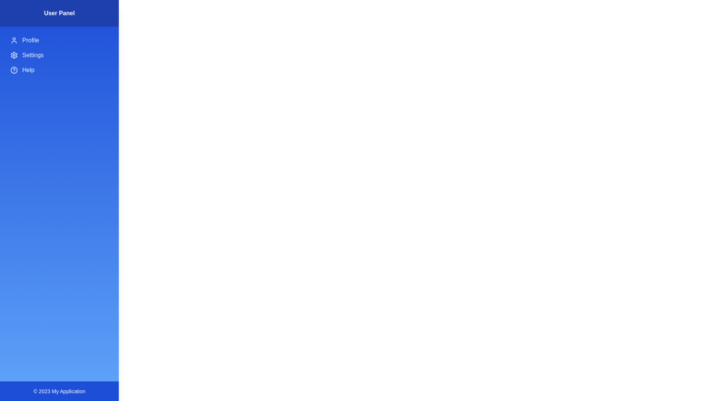 The image size is (713, 401). I want to click on the 'Help' menu item in the drawer, so click(59, 70).